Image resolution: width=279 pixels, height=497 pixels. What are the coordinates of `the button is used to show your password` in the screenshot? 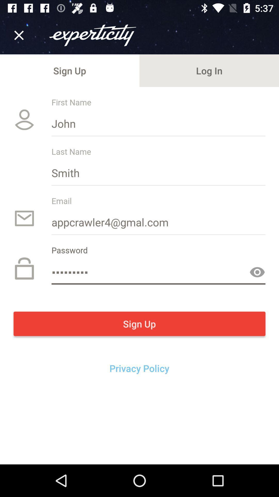 It's located at (257, 272).